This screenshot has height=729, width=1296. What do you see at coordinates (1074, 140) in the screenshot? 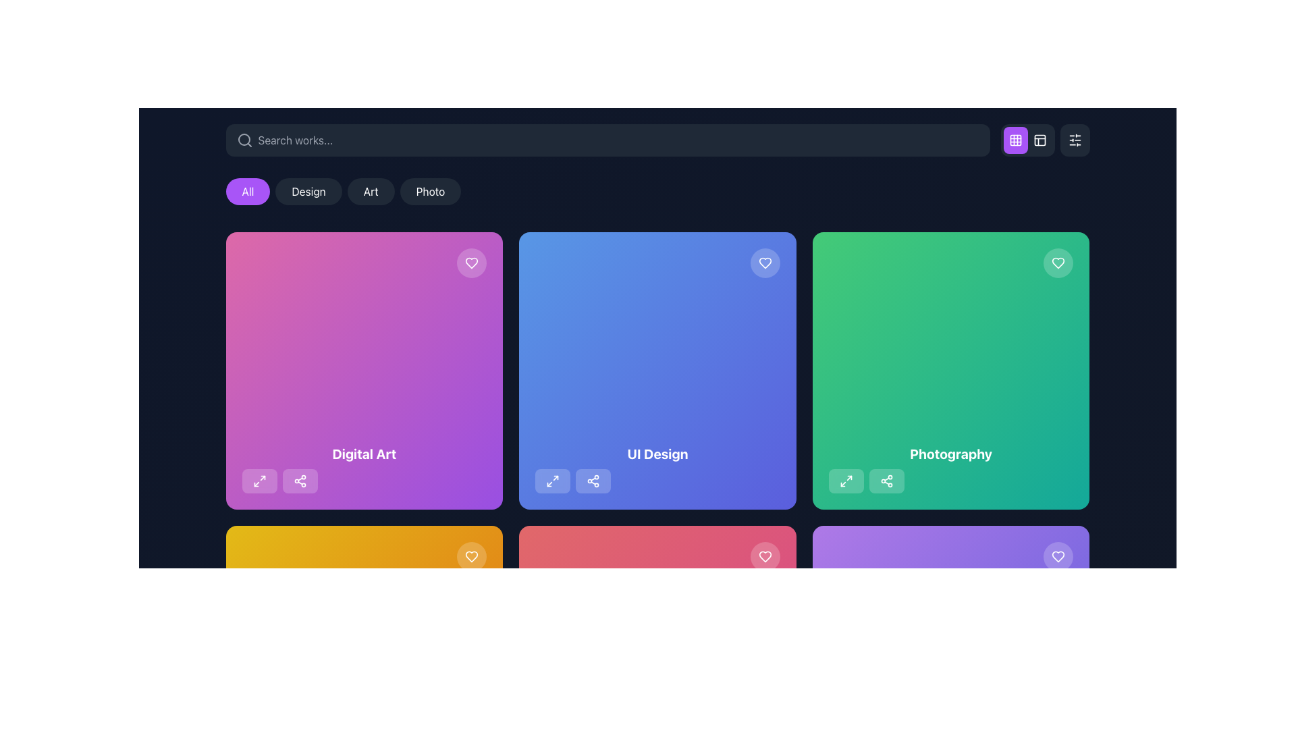
I see `the dark gray rectangular button with rounded corners and a white sliders icon in the top-right corner of the interface` at bounding box center [1074, 140].